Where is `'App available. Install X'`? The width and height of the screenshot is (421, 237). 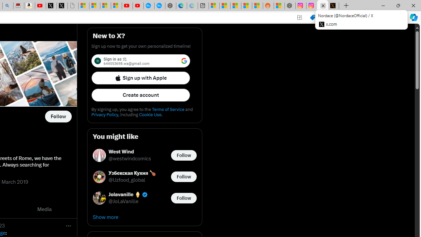
'App available. Install X' is located at coordinates (299, 17).